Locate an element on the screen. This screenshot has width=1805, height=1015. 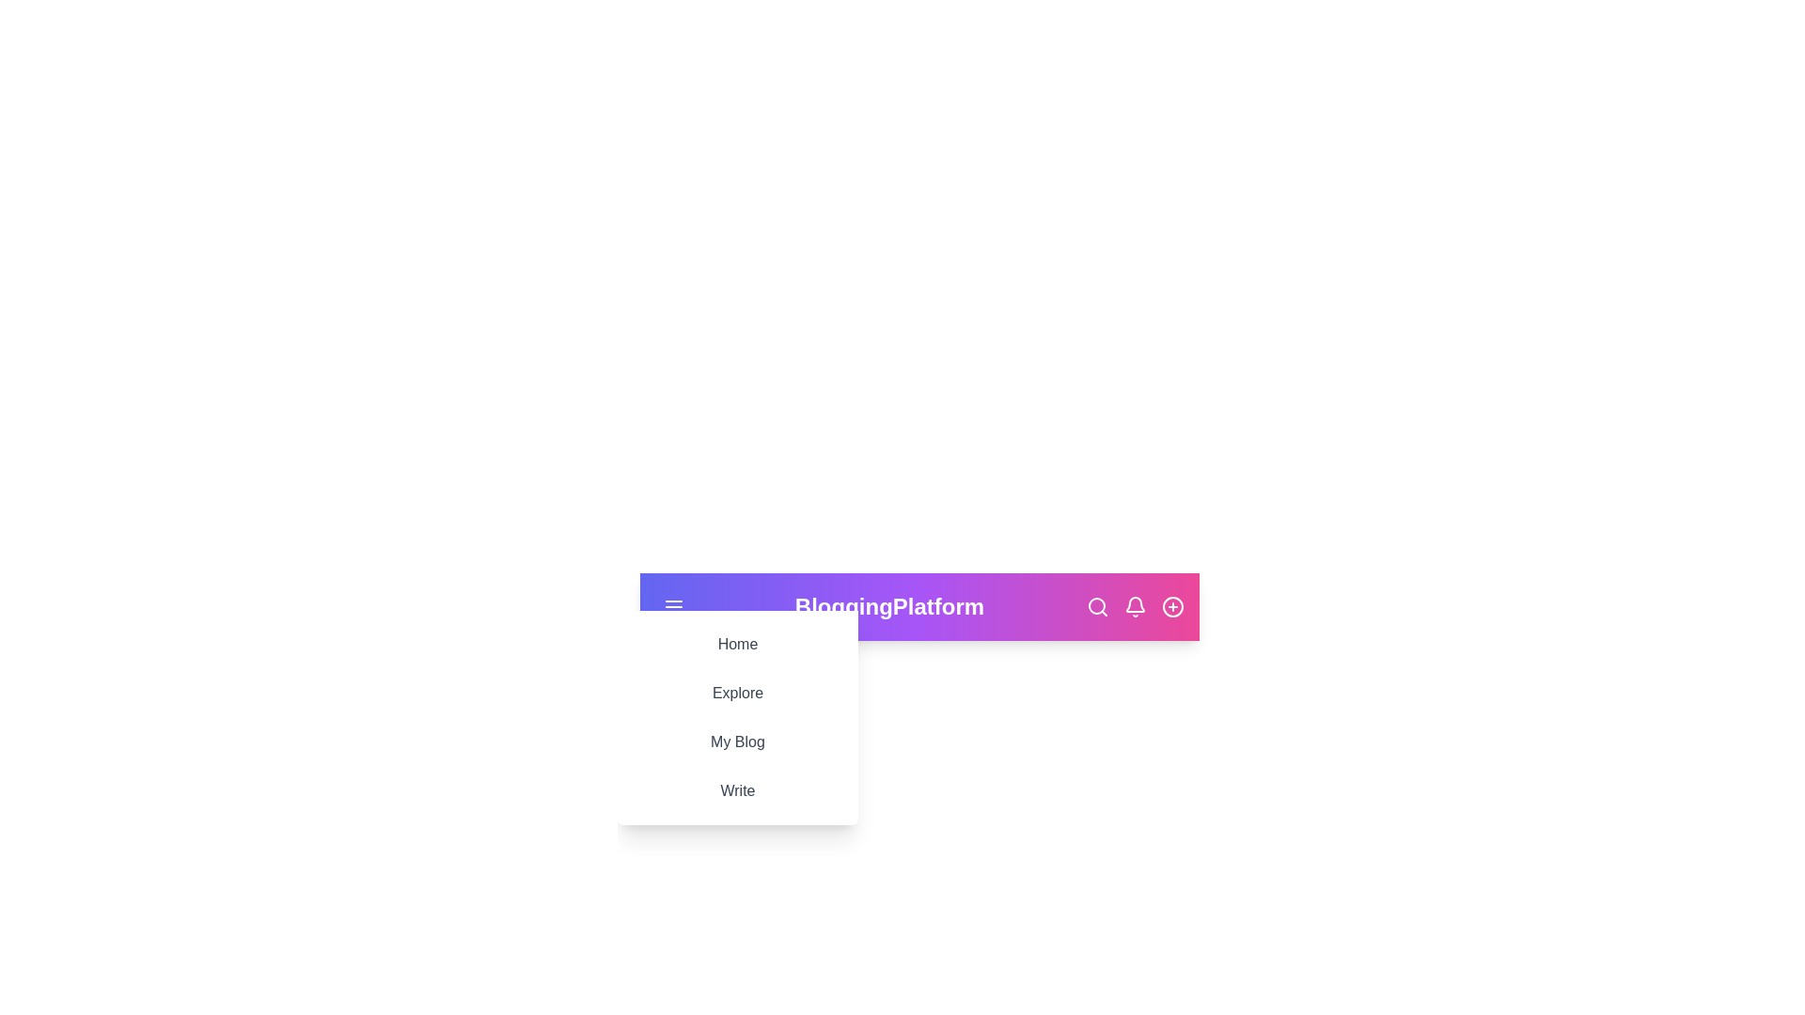
the 'add new item' icon in the BloggingAppBar is located at coordinates (1172, 606).